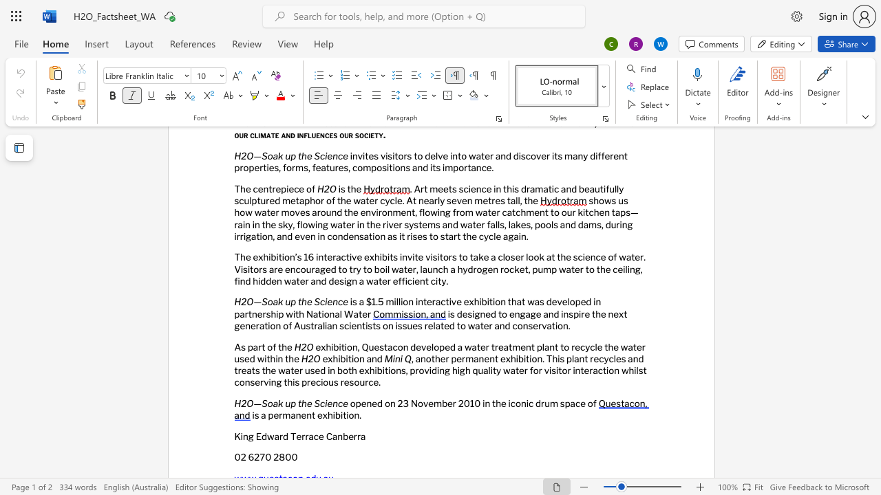 This screenshot has width=881, height=495. Describe the element at coordinates (237, 346) in the screenshot. I see `the 1th character "A" in the text` at that location.